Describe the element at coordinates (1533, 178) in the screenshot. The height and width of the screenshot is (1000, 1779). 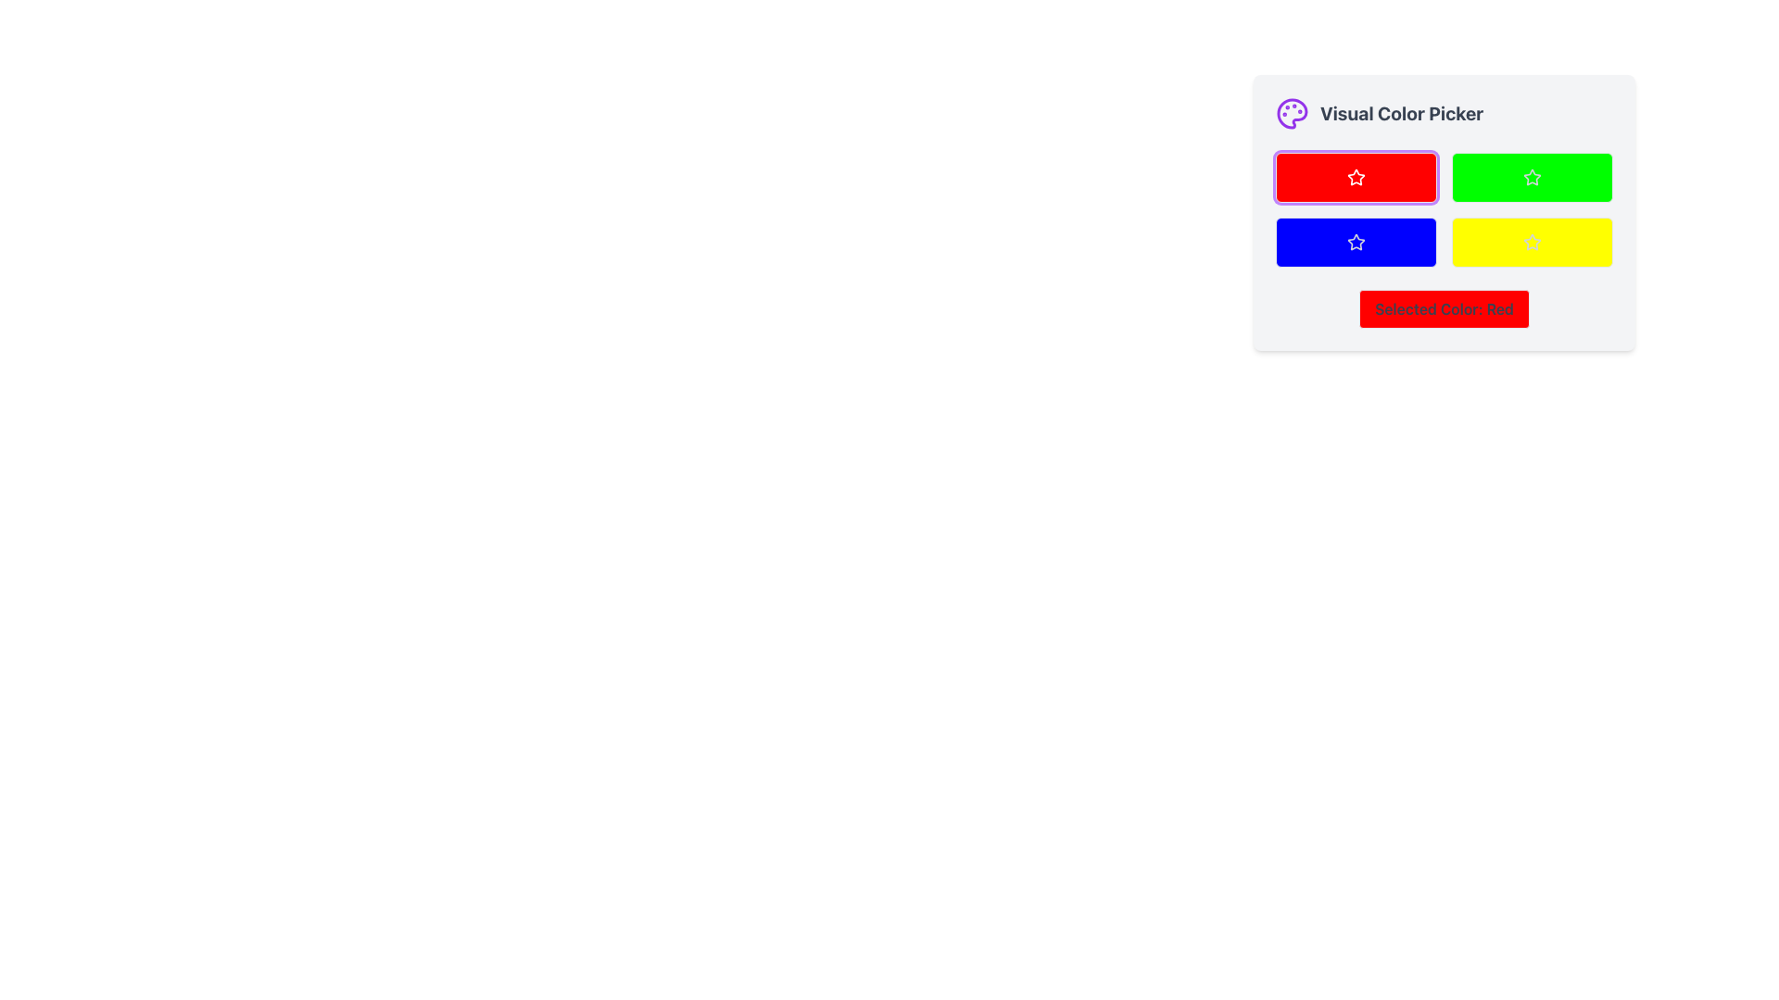
I see `the star icon located within the green button in the top-right of the 2x2 grid in the 'Visual Color Picker' section to mark a favorite or selection` at that location.